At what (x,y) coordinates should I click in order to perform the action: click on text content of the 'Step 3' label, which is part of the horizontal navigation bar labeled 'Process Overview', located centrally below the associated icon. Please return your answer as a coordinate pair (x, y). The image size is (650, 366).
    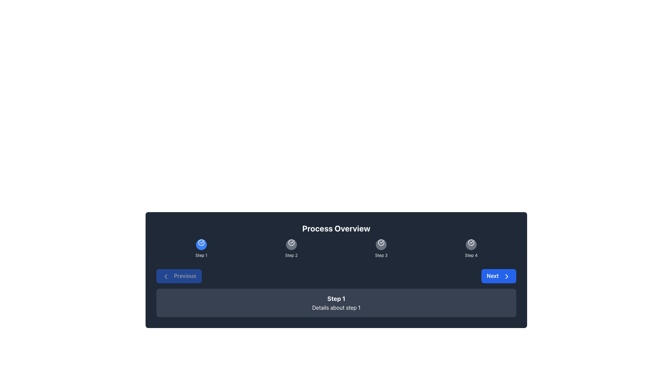
    Looking at the image, I should click on (381, 255).